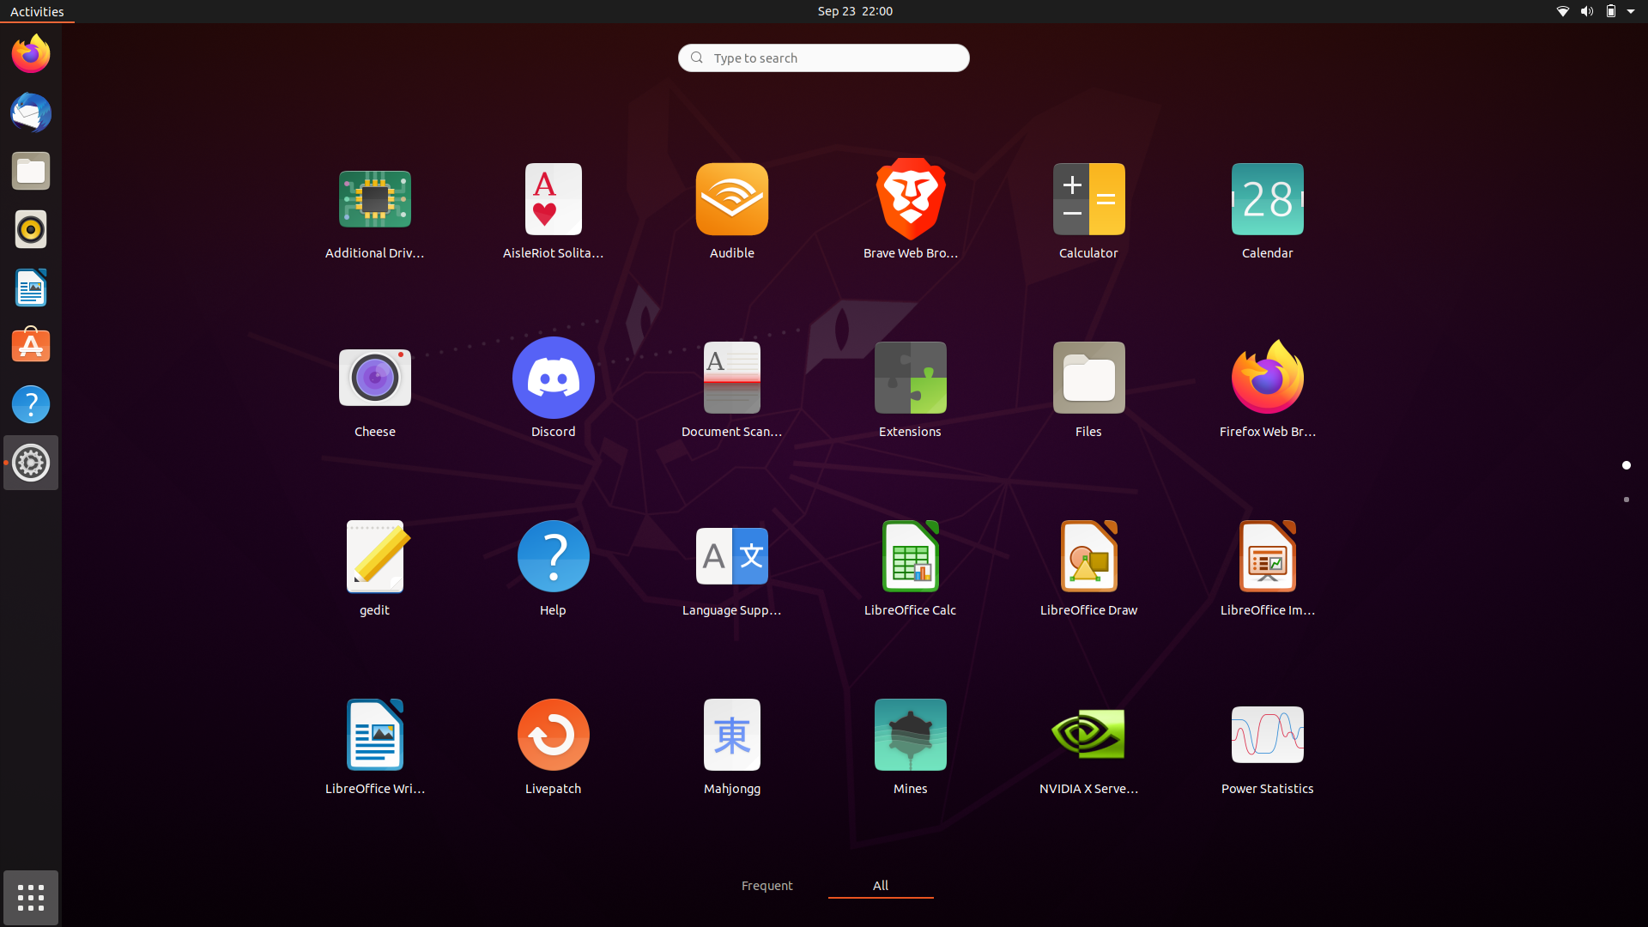  What do you see at coordinates (822, 56) in the screenshot?
I see `Activate keyboard, enter "tools" into the search field and proceed with the search` at bounding box center [822, 56].